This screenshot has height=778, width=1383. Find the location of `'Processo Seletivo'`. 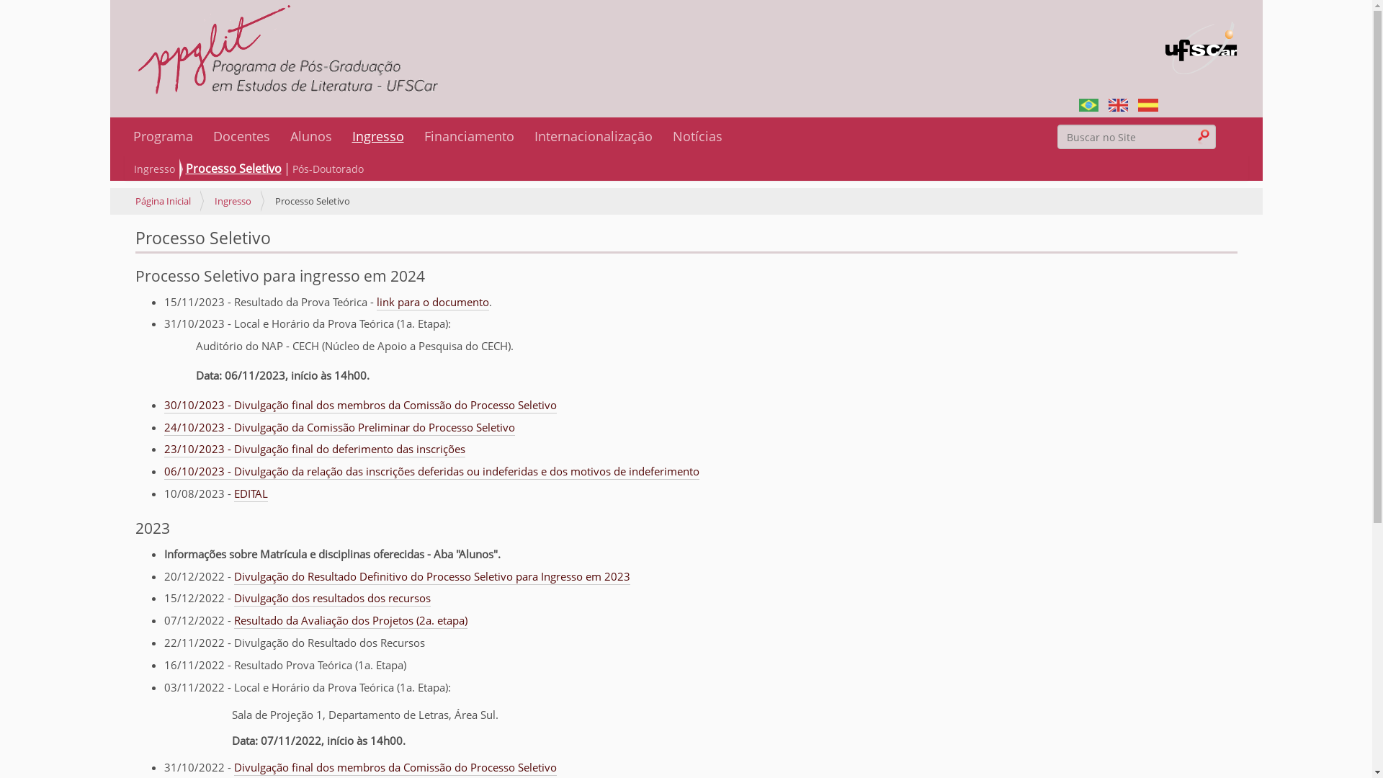

'Processo Seletivo' is located at coordinates (182, 169).